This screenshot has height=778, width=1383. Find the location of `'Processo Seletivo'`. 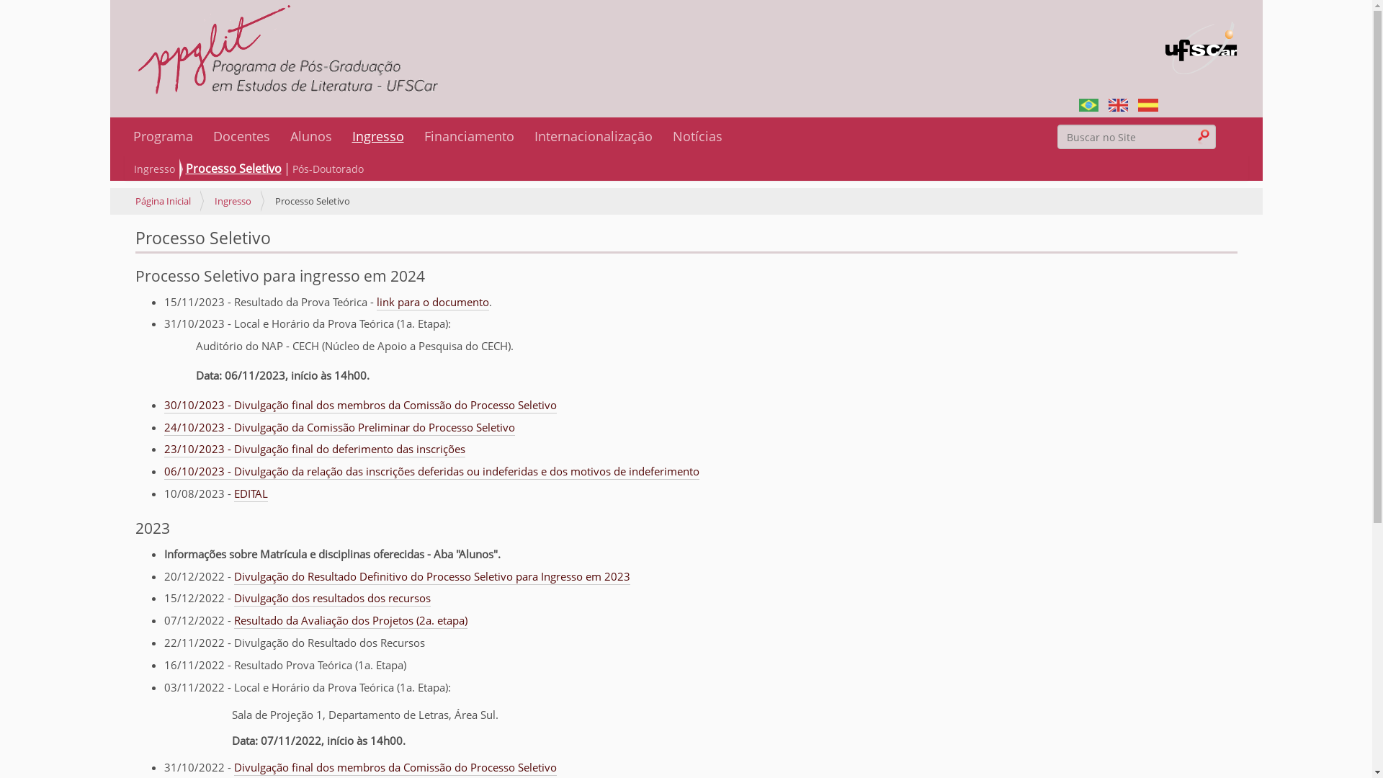

'Processo Seletivo' is located at coordinates (182, 169).